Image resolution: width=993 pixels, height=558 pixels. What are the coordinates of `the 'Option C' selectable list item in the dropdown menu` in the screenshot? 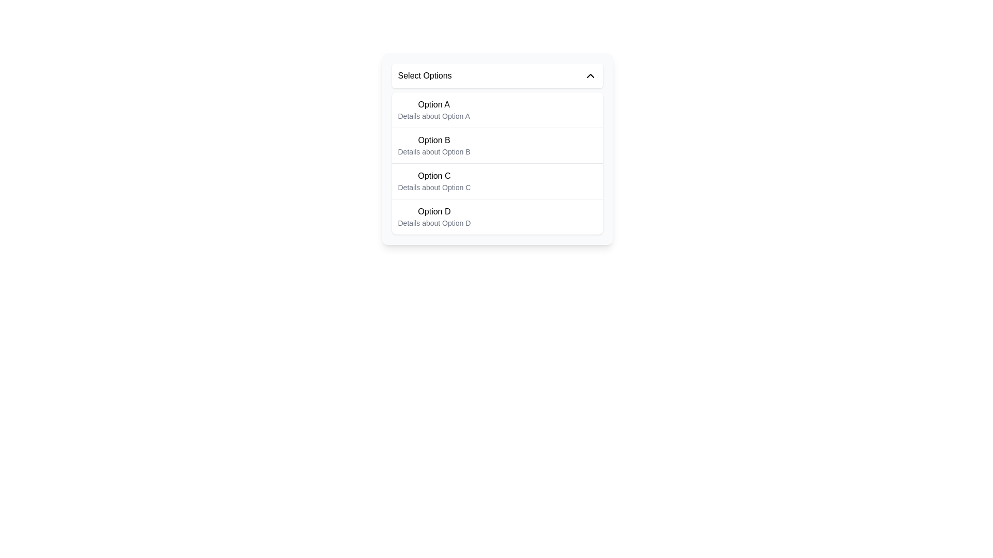 It's located at (497, 180).